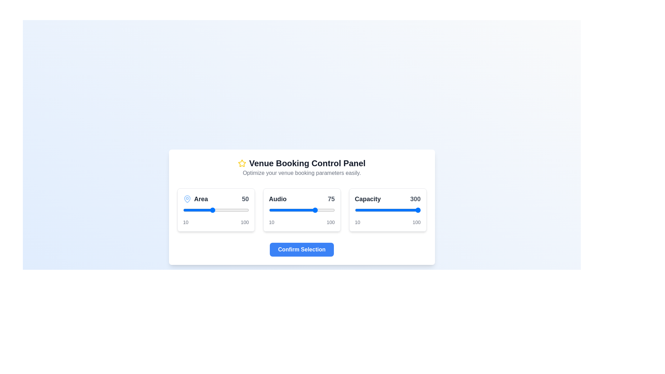 The width and height of the screenshot is (665, 374). I want to click on the yellow star icon with a hollow center located at the top of the interface header, just above the 'Venue Booking Control Panel' title, so click(242, 163).